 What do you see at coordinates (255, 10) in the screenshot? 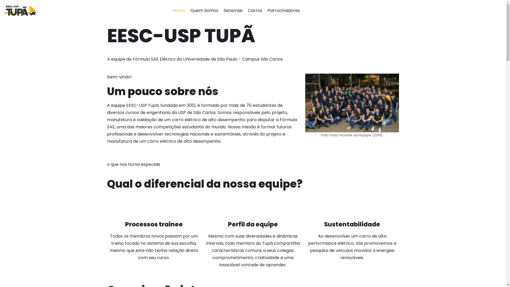
I see `'Carros'` at bounding box center [255, 10].